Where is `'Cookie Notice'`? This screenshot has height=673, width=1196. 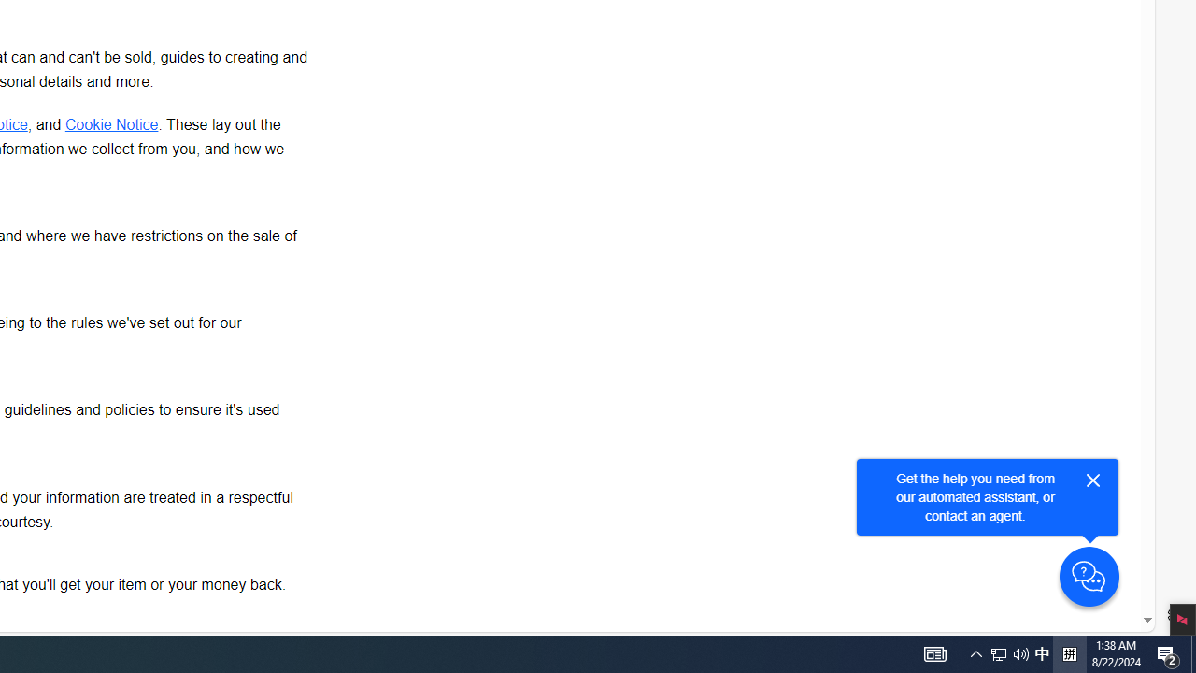
'Cookie Notice' is located at coordinates (110, 123).